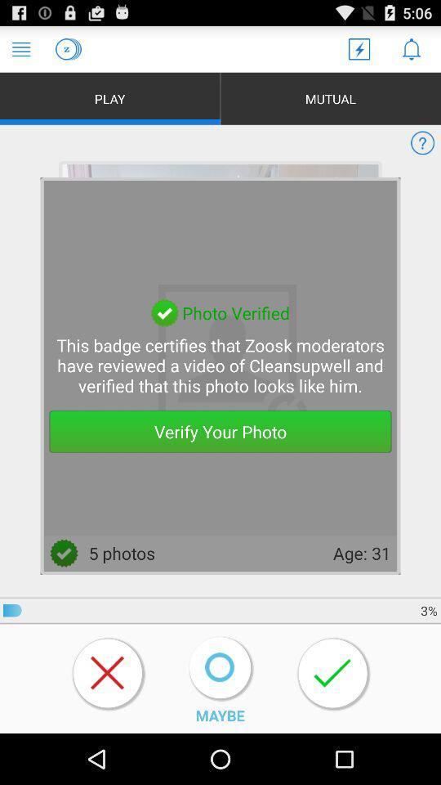  I want to click on the help icon, so click(422, 153).